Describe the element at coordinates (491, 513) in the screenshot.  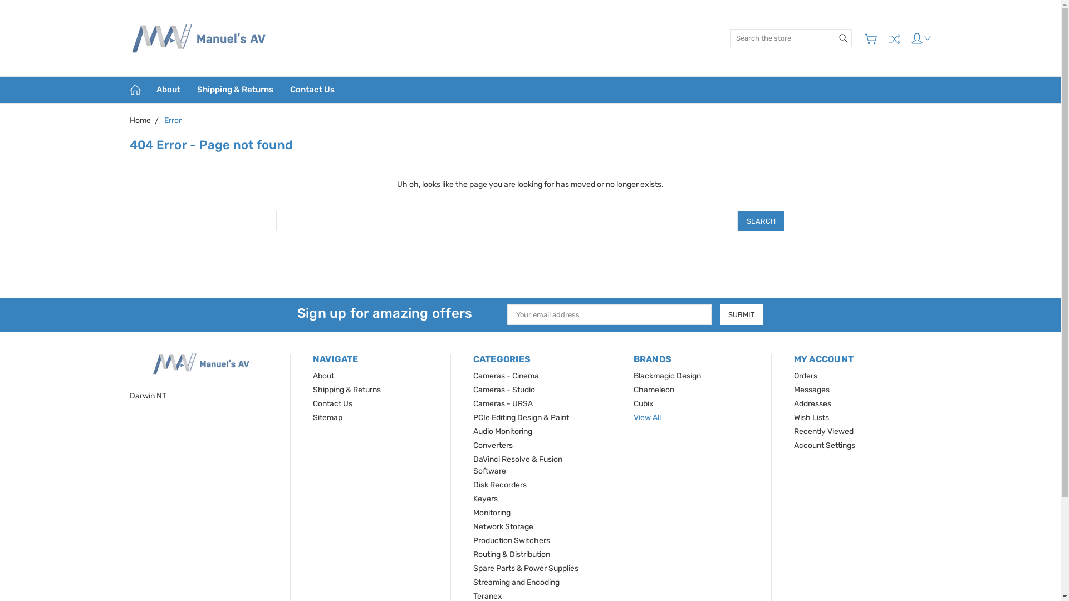
I see `'Monitoring'` at that location.